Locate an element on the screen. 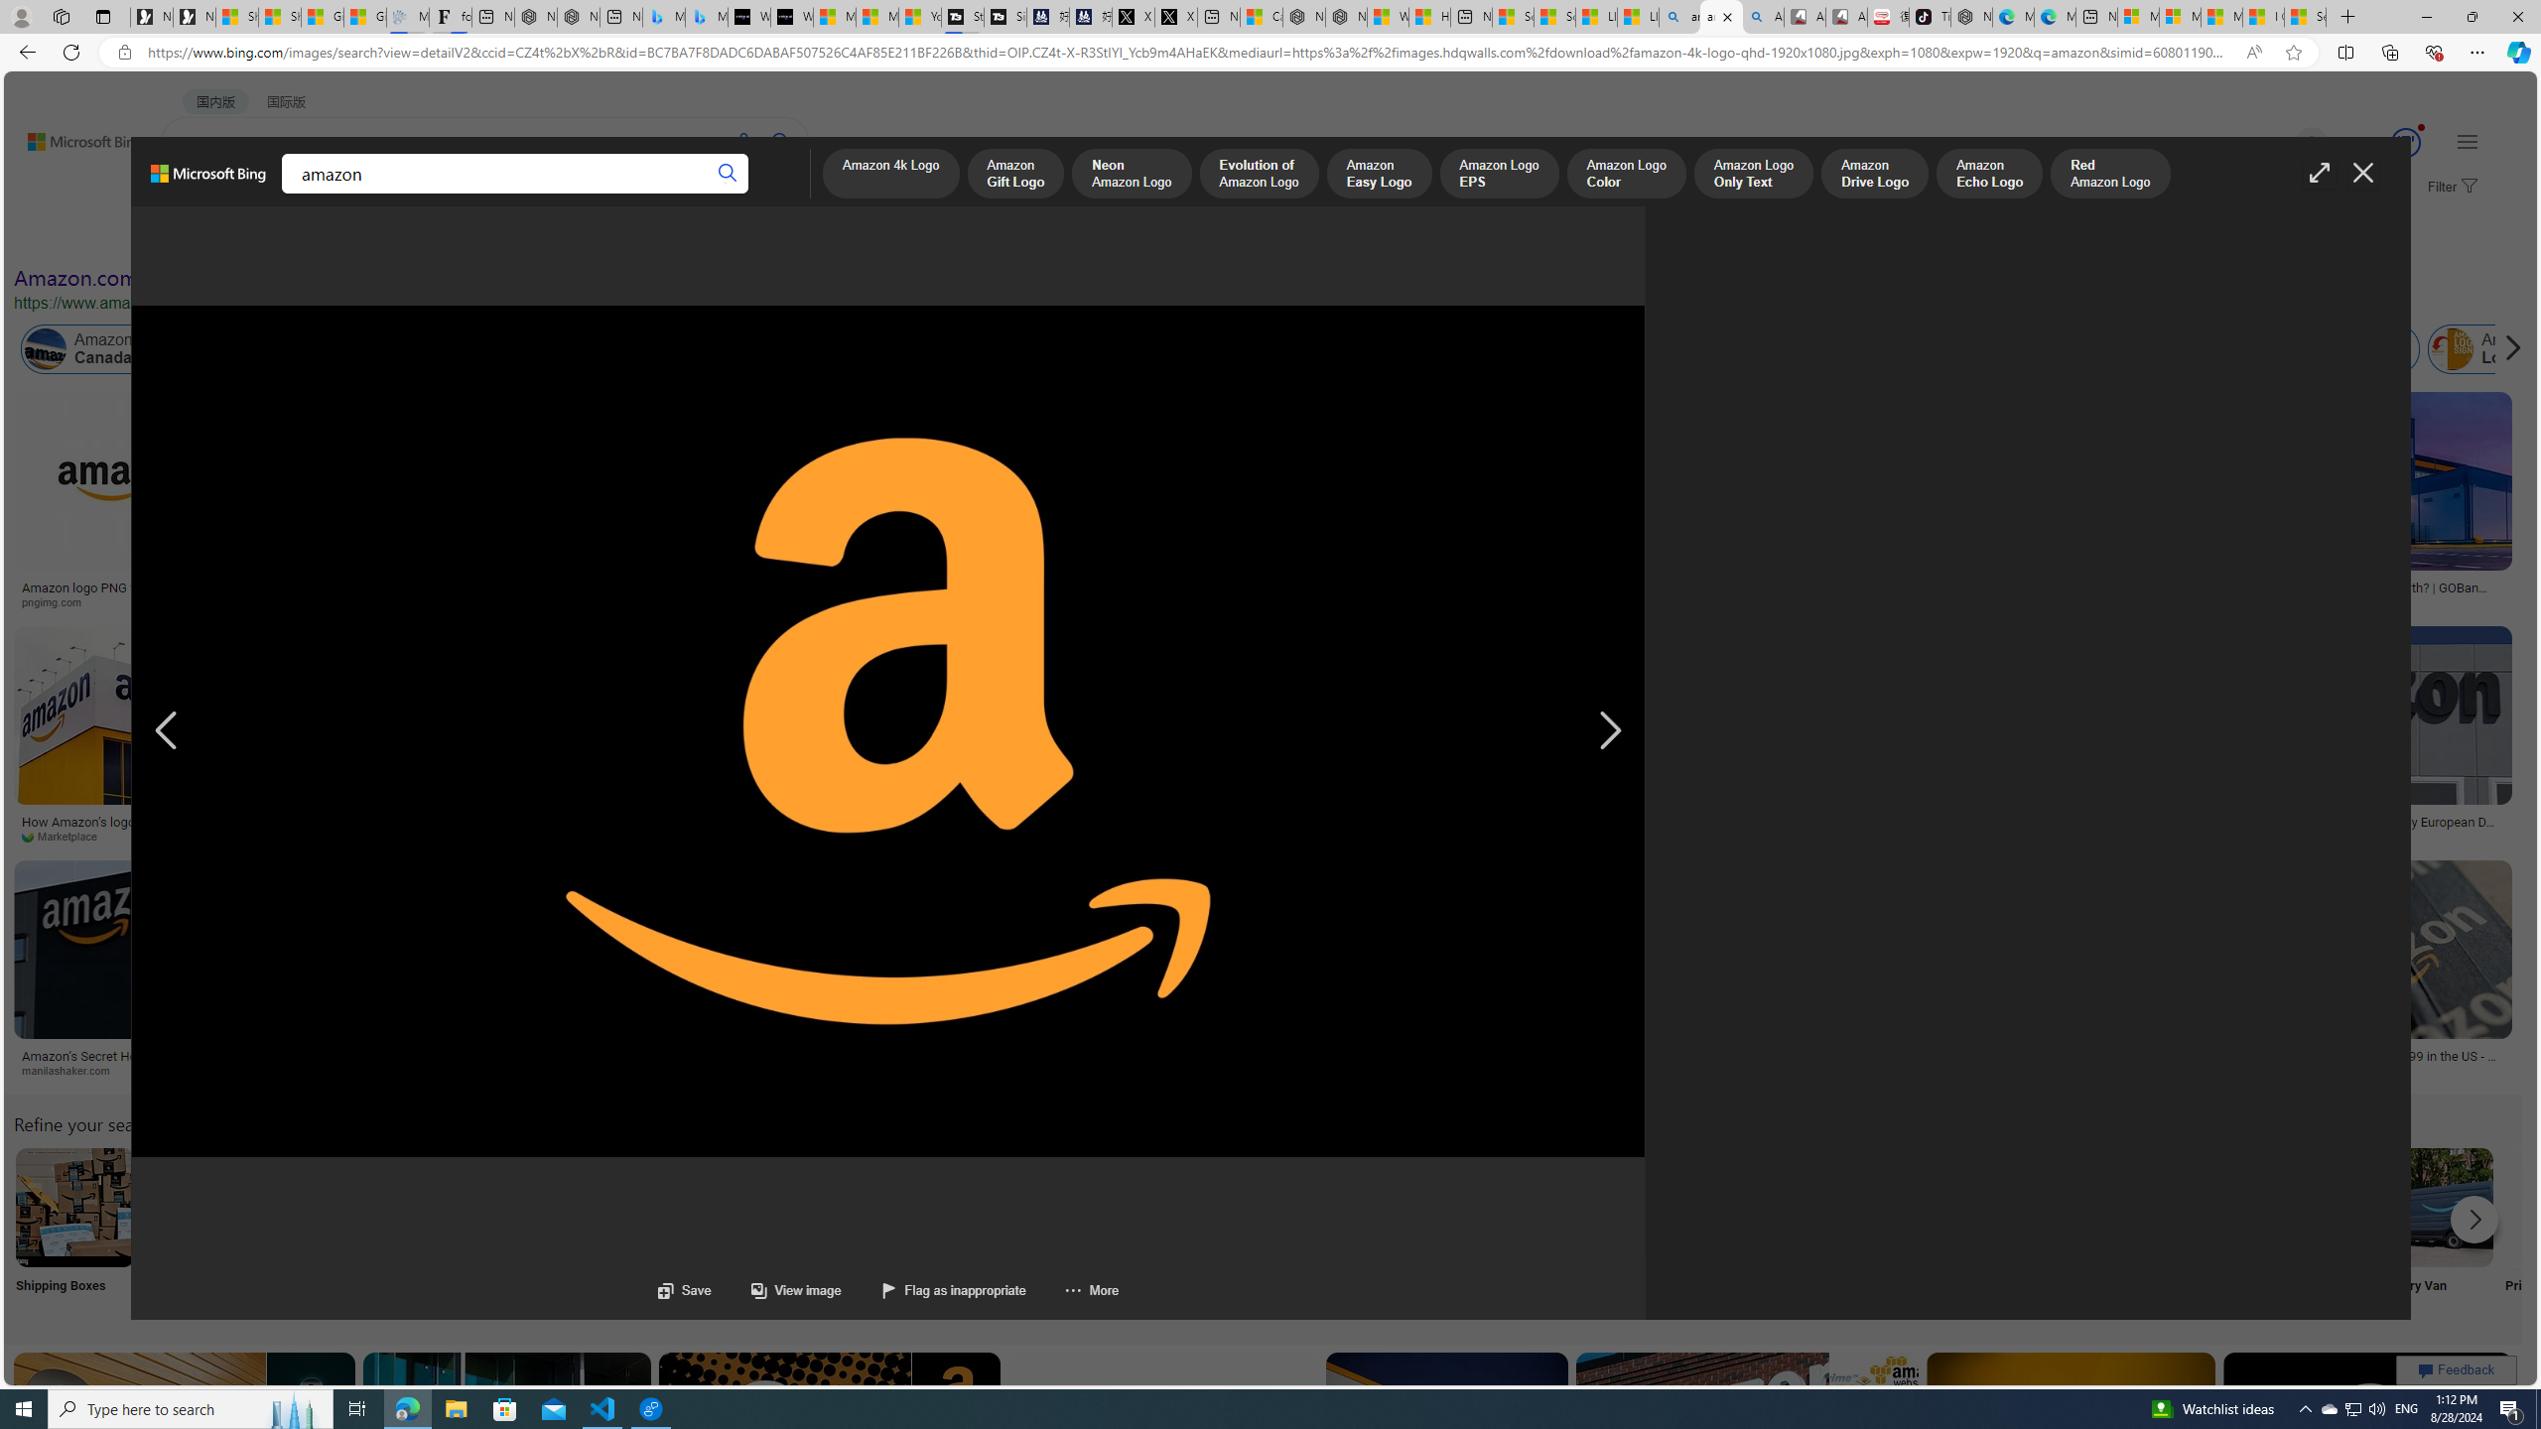  'Amazon Login' is located at coordinates (2452, 349).